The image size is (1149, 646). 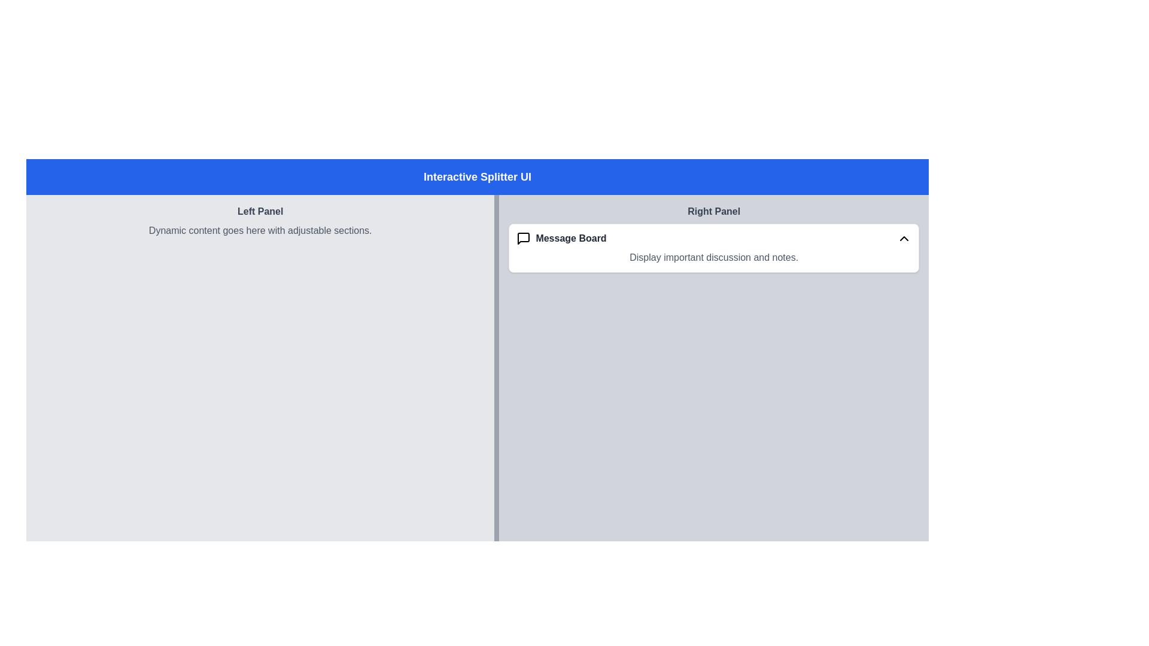 What do you see at coordinates (260, 230) in the screenshot?
I see `the informative text located below the 'Left Panel' header in the left division of the two-panel layout interface` at bounding box center [260, 230].